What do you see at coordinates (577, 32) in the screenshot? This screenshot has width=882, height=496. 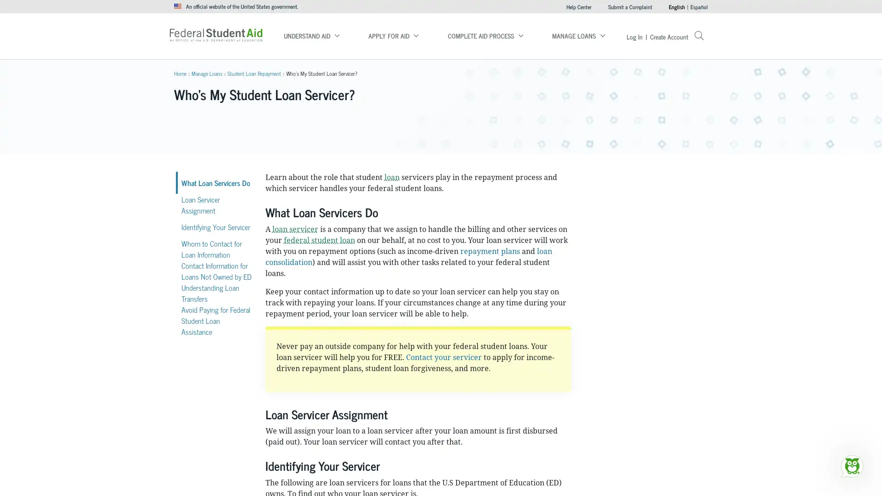 I see `Search` at bounding box center [577, 32].